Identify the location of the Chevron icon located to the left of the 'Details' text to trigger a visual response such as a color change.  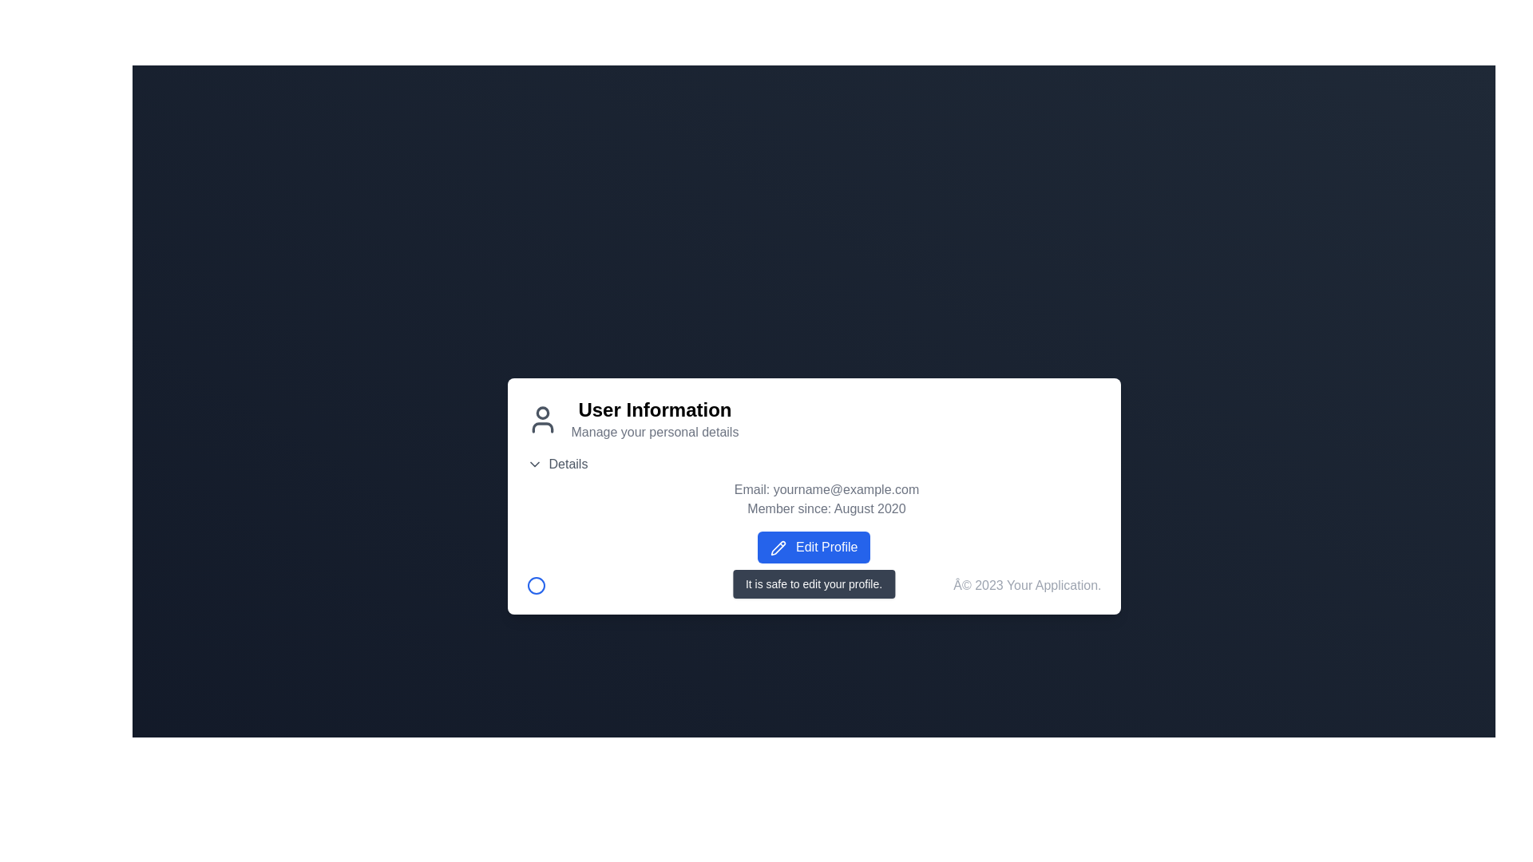
(534, 465).